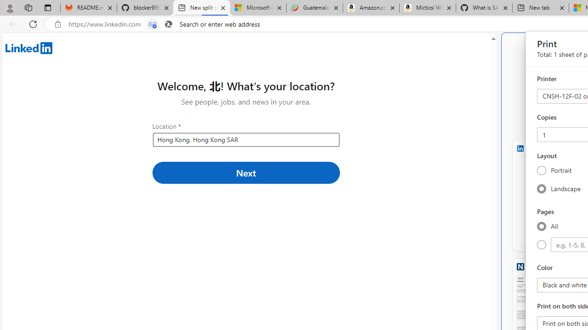  What do you see at coordinates (541, 170) in the screenshot?
I see `'Portrait'` at bounding box center [541, 170].